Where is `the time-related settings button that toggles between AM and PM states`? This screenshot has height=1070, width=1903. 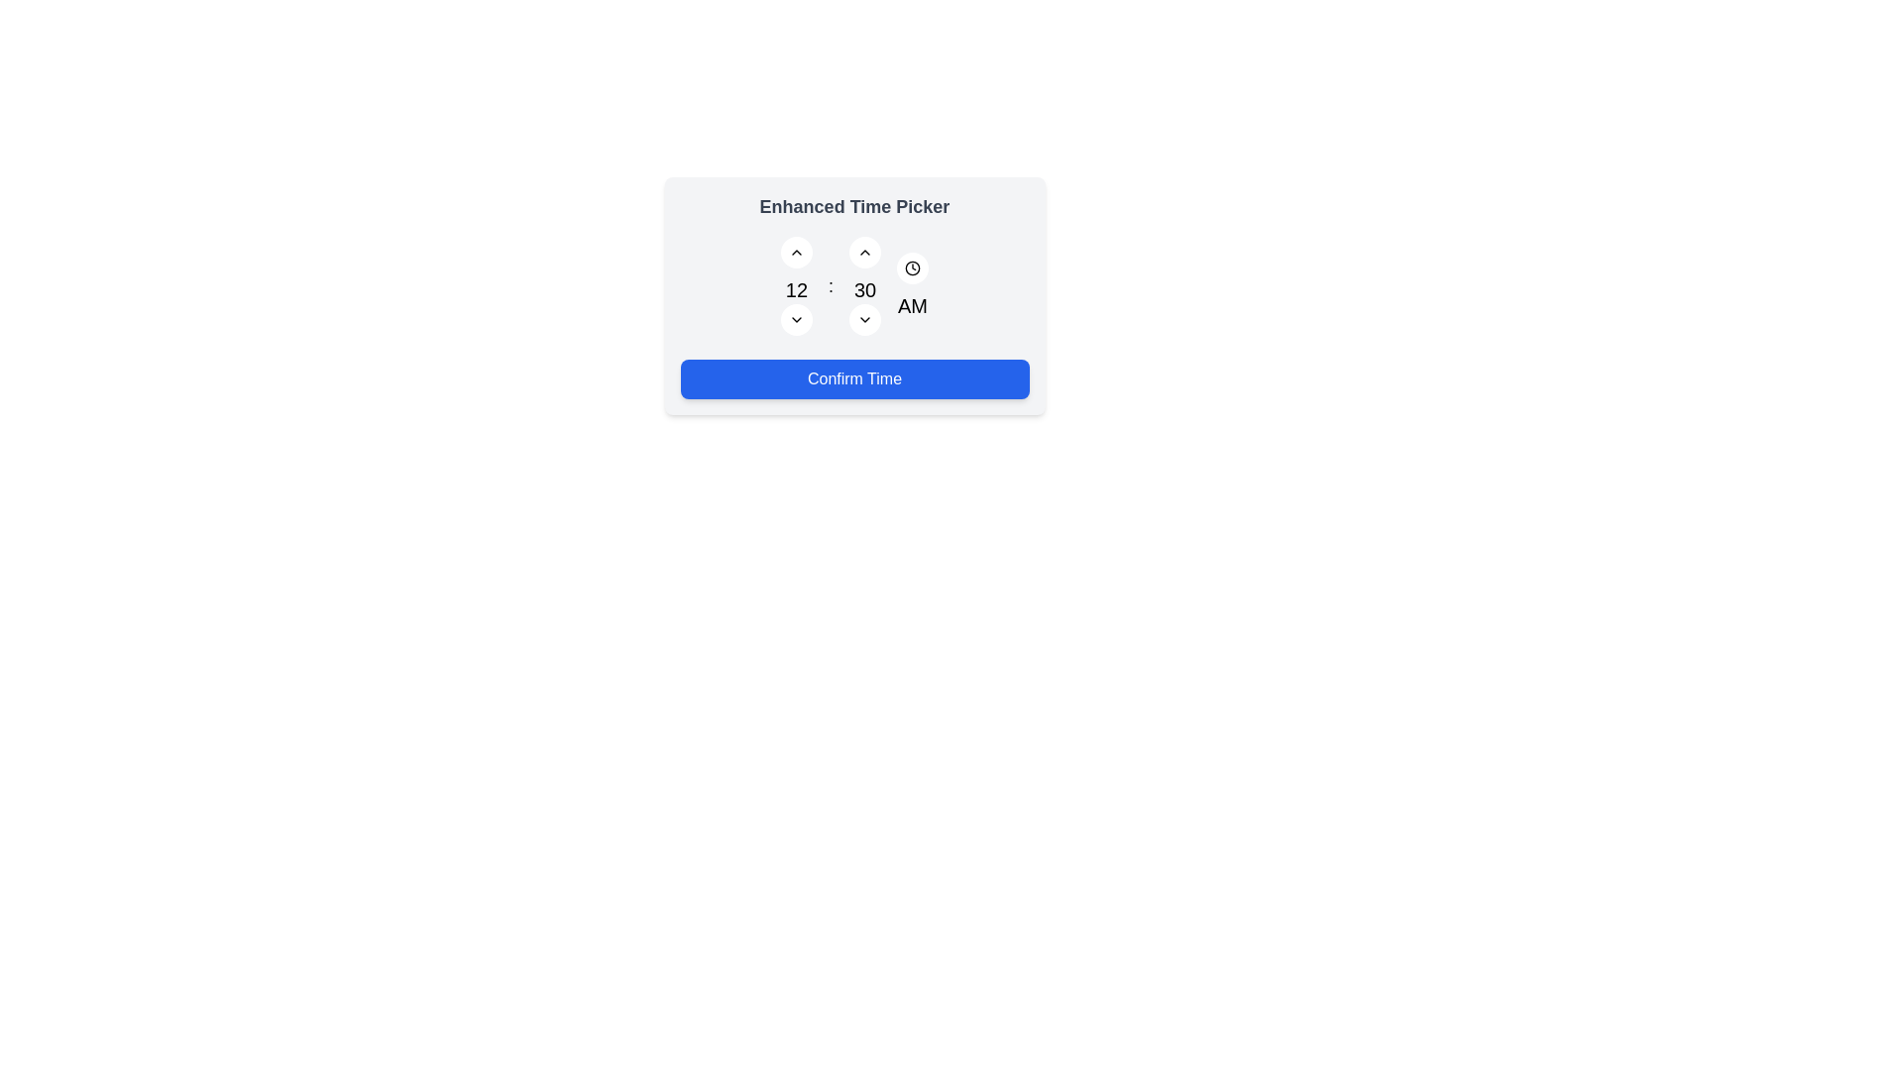
the time-related settings button that toggles between AM and PM states is located at coordinates (912, 267).